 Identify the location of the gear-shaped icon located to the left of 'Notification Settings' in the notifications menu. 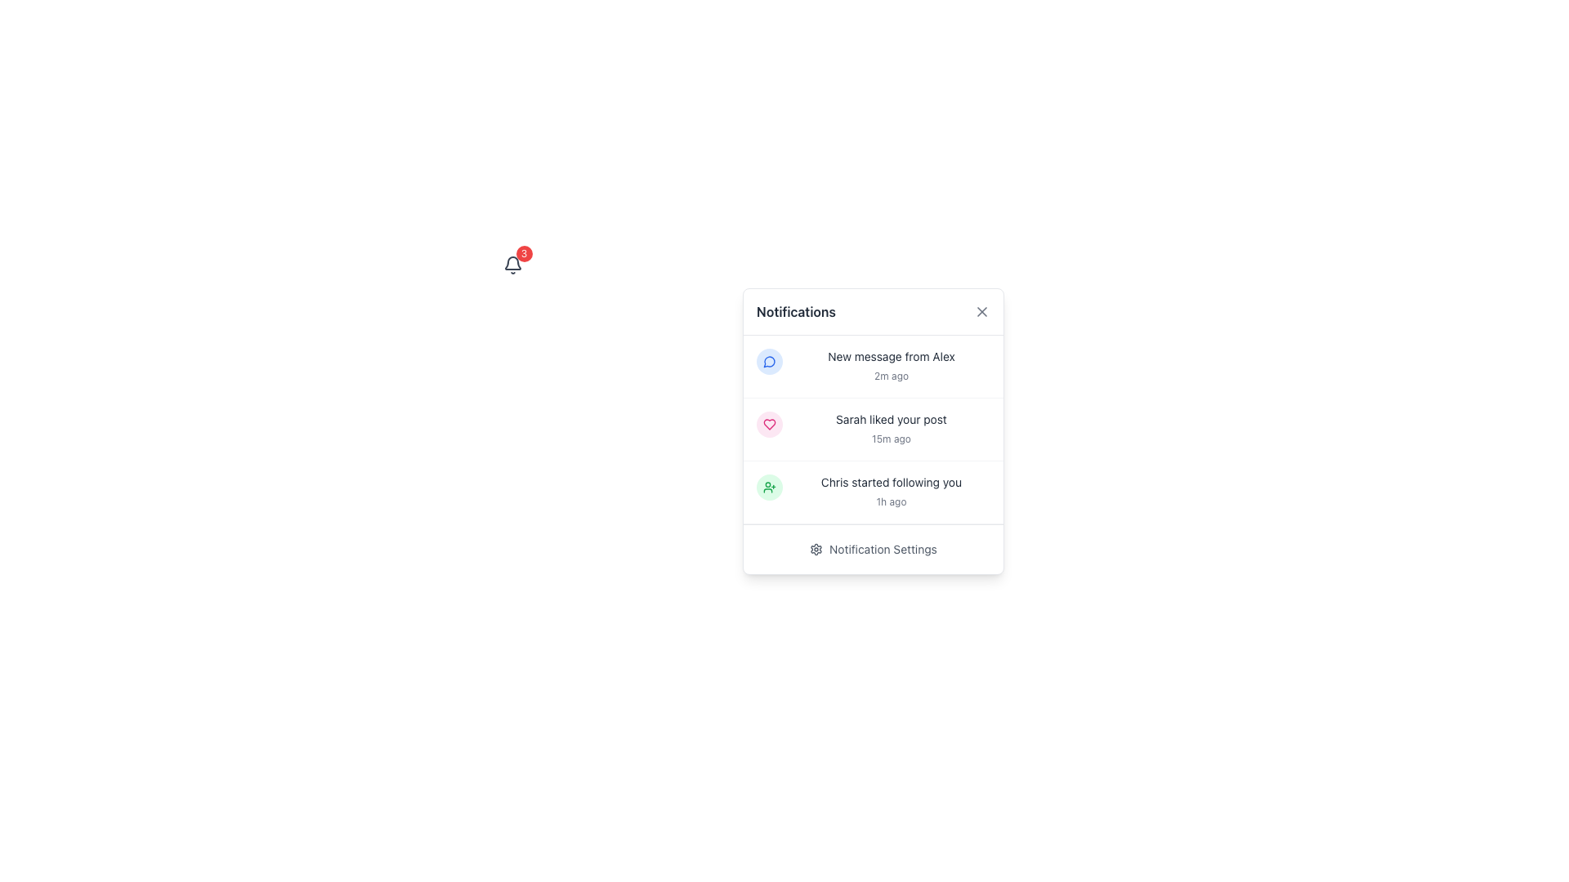
(816, 549).